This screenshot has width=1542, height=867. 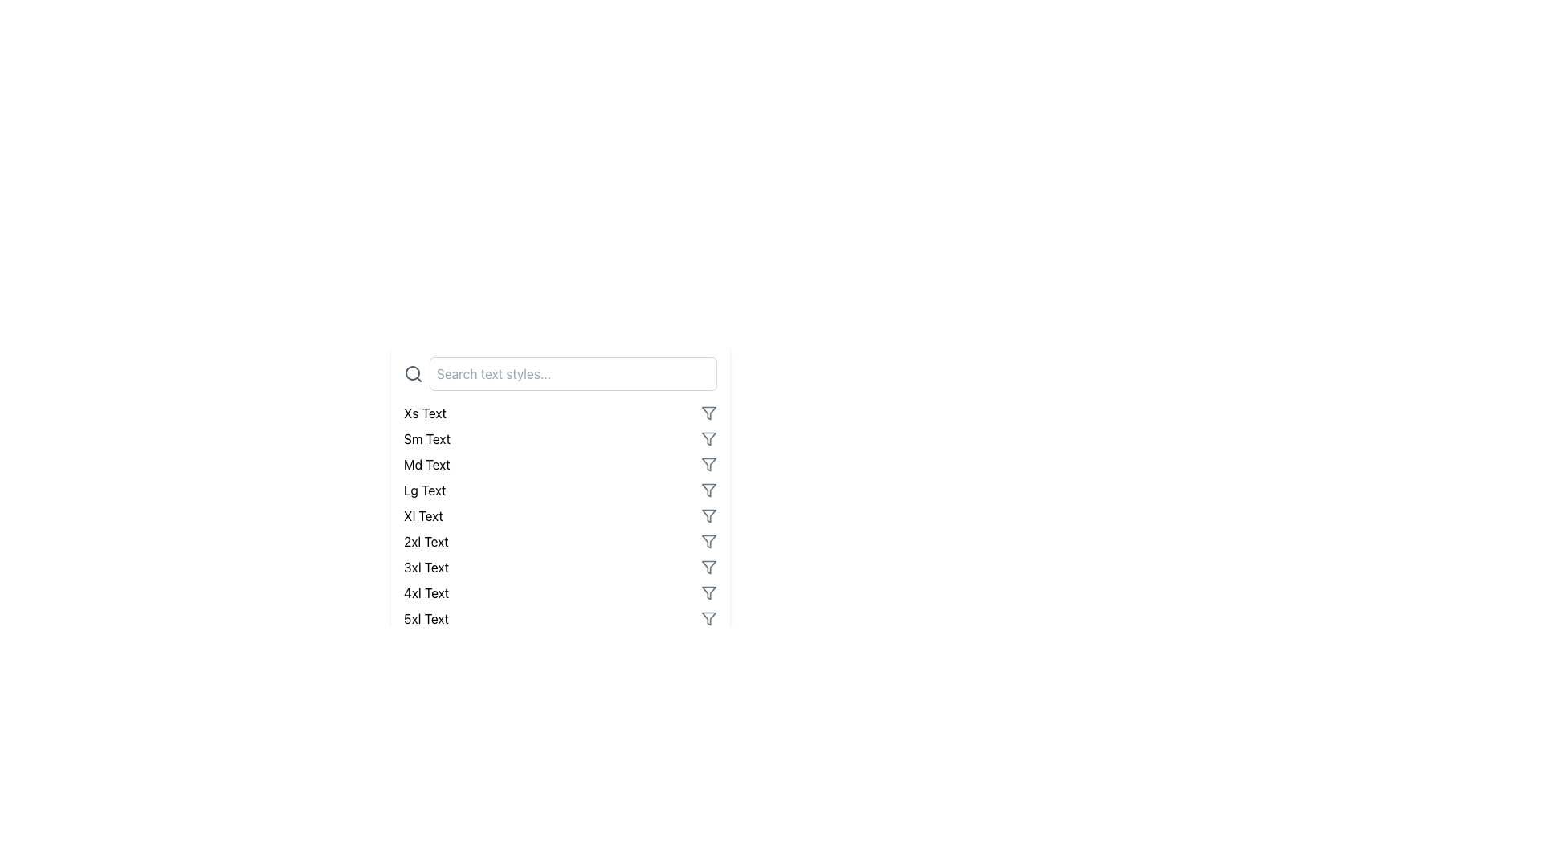 I want to click on the sorting or filtering icon located to the right of the 'Xs Text' row in the list of text styles, so click(x=708, y=413).